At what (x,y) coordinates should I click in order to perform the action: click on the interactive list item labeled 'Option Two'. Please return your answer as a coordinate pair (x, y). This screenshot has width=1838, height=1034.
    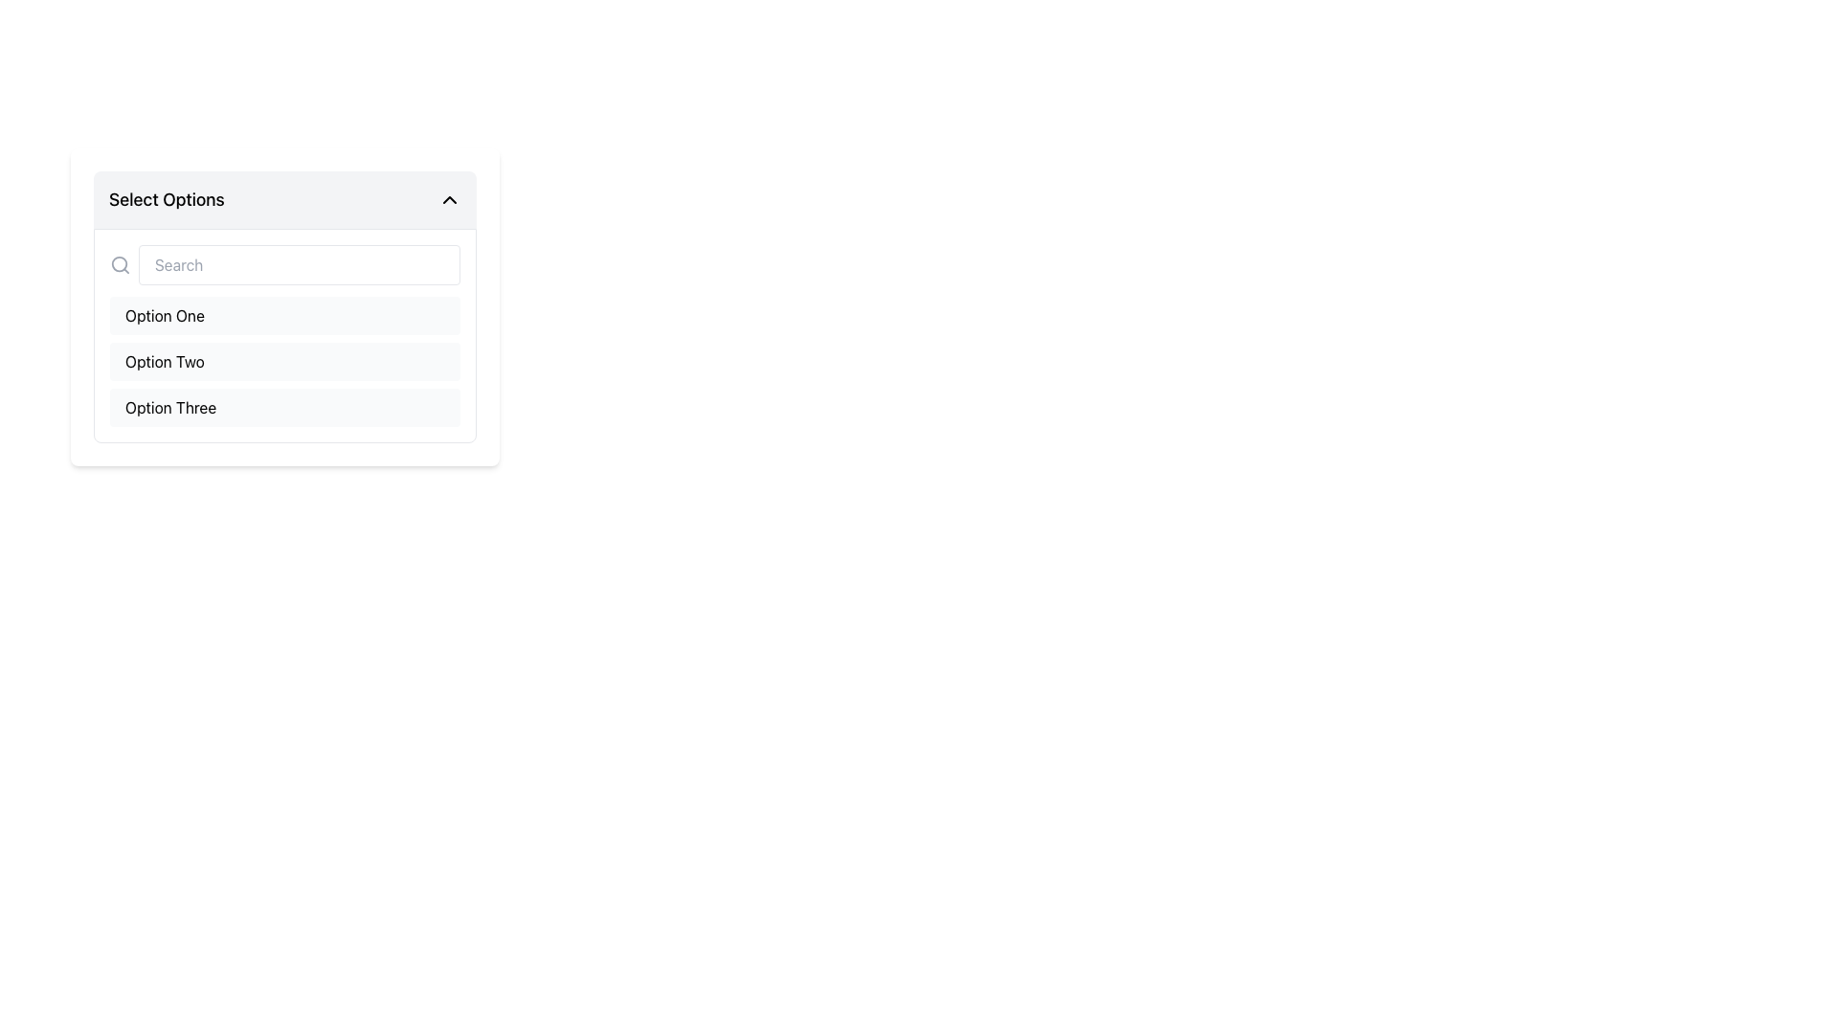
    Looking at the image, I should click on (283, 362).